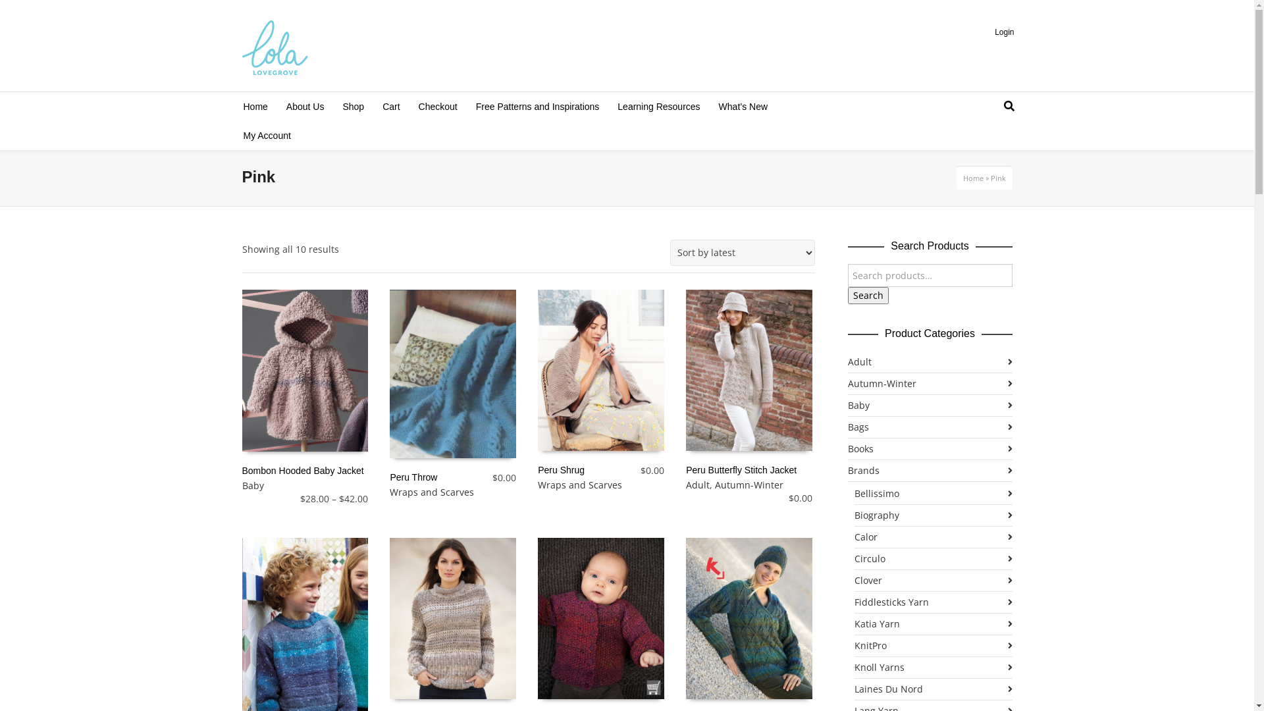 This screenshot has width=1264, height=711. Describe the element at coordinates (749, 485) in the screenshot. I see `'Autumn-Winter'` at that location.